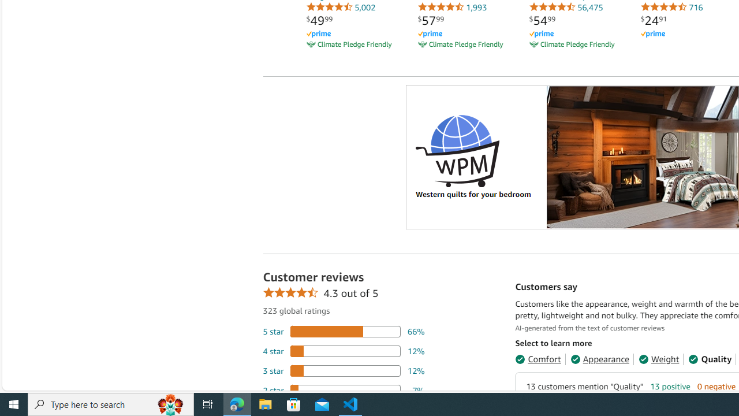 The width and height of the screenshot is (739, 416). Describe the element at coordinates (671, 7) in the screenshot. I see `'716'` at that location.